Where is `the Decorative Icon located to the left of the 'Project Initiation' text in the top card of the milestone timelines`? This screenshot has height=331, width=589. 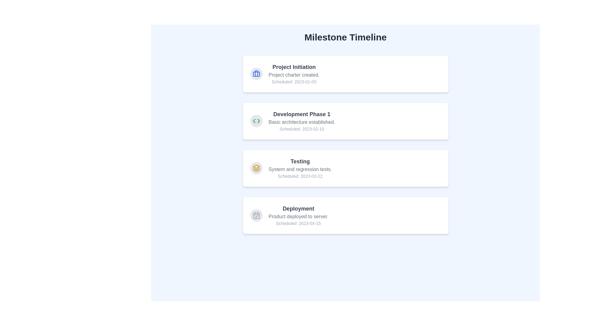 the Decorative Icon located to the left of the 'Project Initiation' text in the top card of the milestone timelines is located at coordinates (256, 73).